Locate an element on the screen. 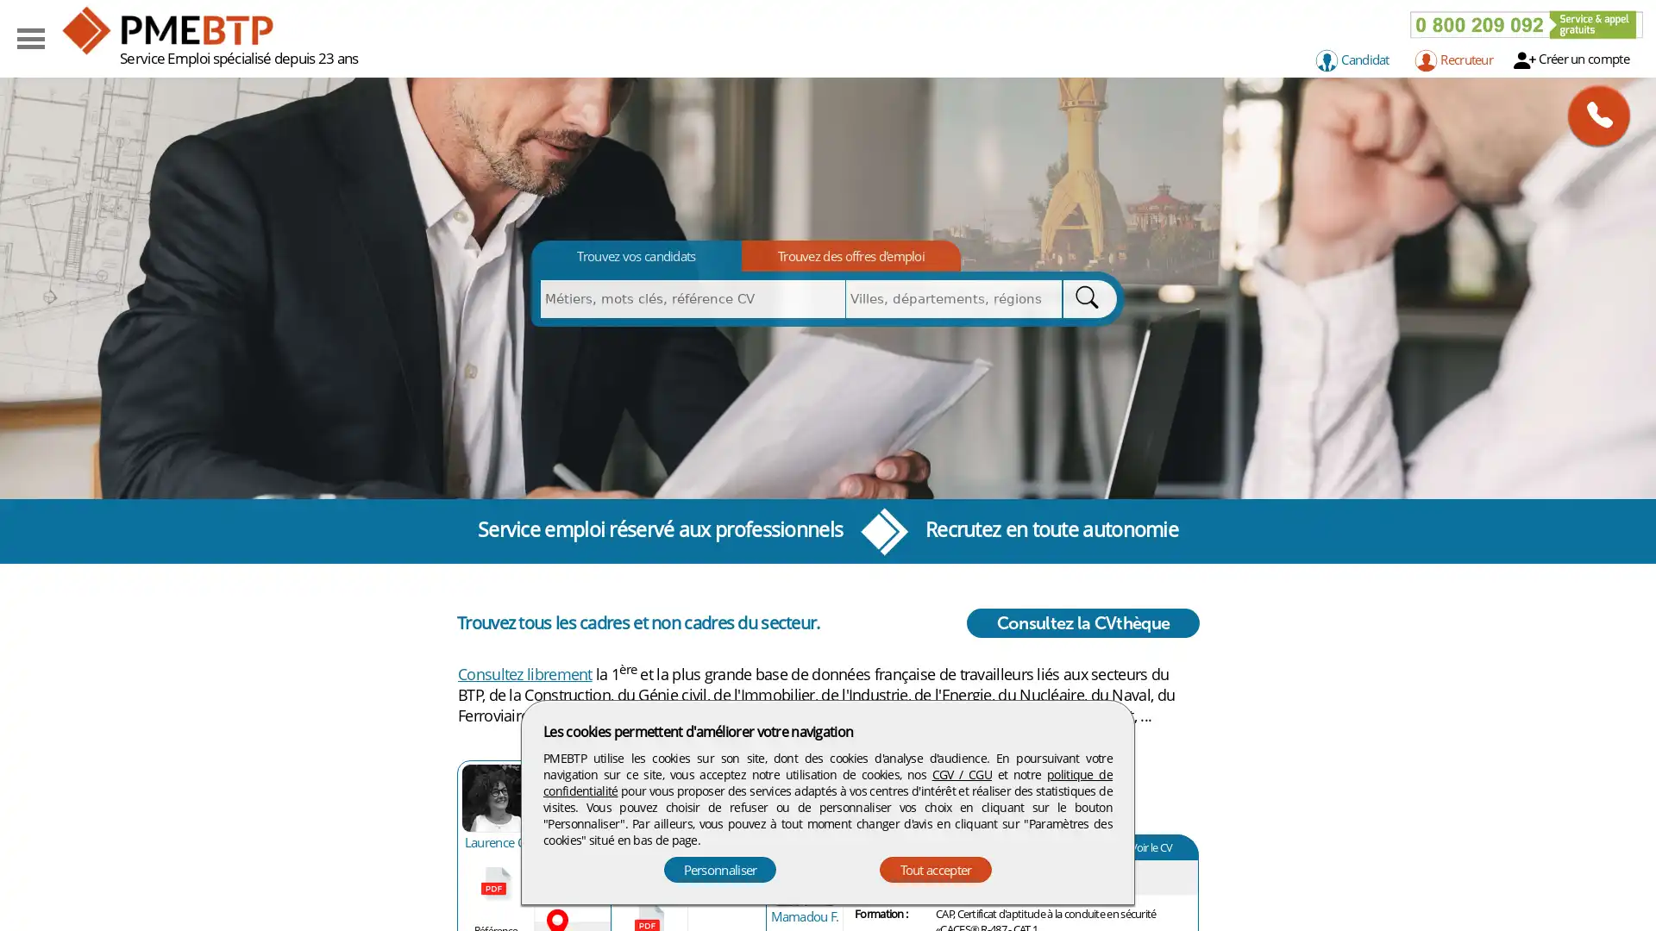  Rechercher is located at coordinates (1088, 298).